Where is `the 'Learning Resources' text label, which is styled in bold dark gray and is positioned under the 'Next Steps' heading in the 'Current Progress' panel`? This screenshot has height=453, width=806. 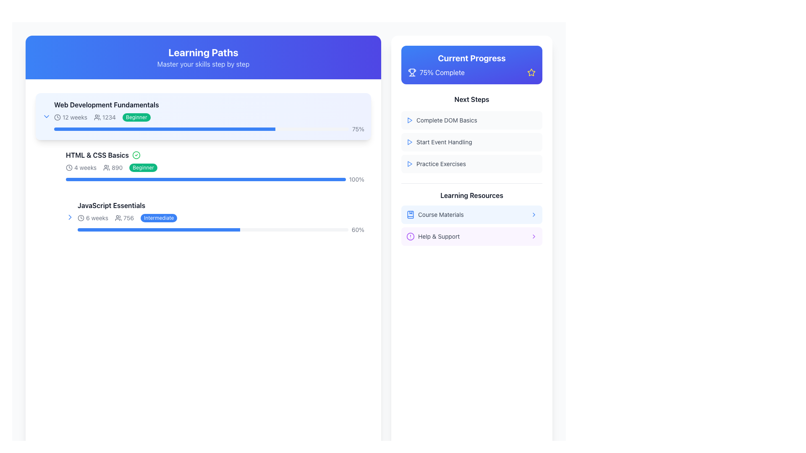 the 'Learning Resources' text label, which is styled in bold dark gray and is positioned under the 'Next Steps' heading in the 'Current Progress' panel is located at coordinates (471, 195).